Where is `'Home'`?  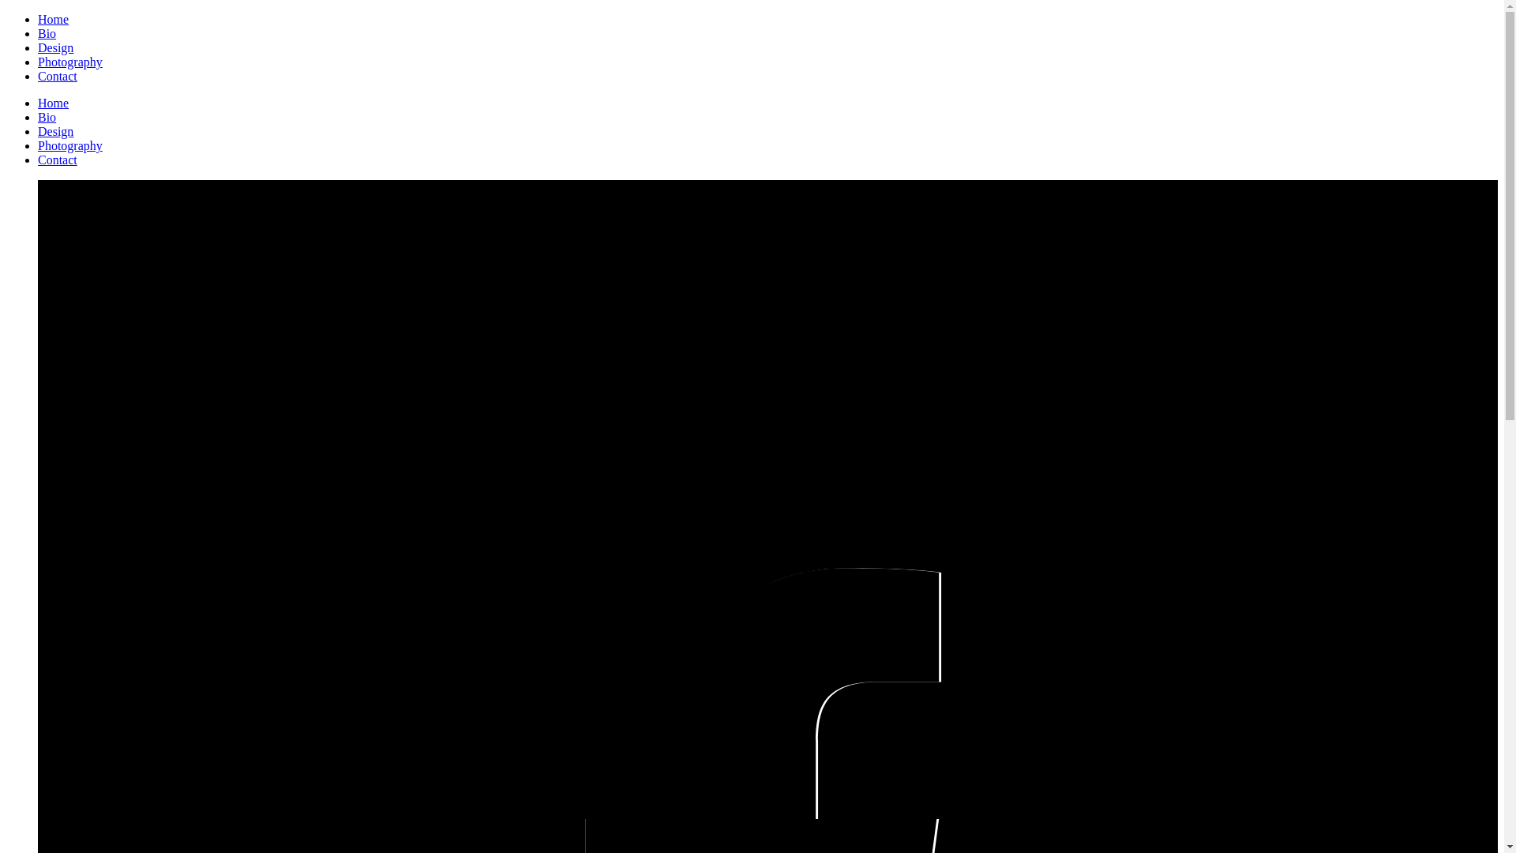 'Home' is located at coordinates (53, 103).